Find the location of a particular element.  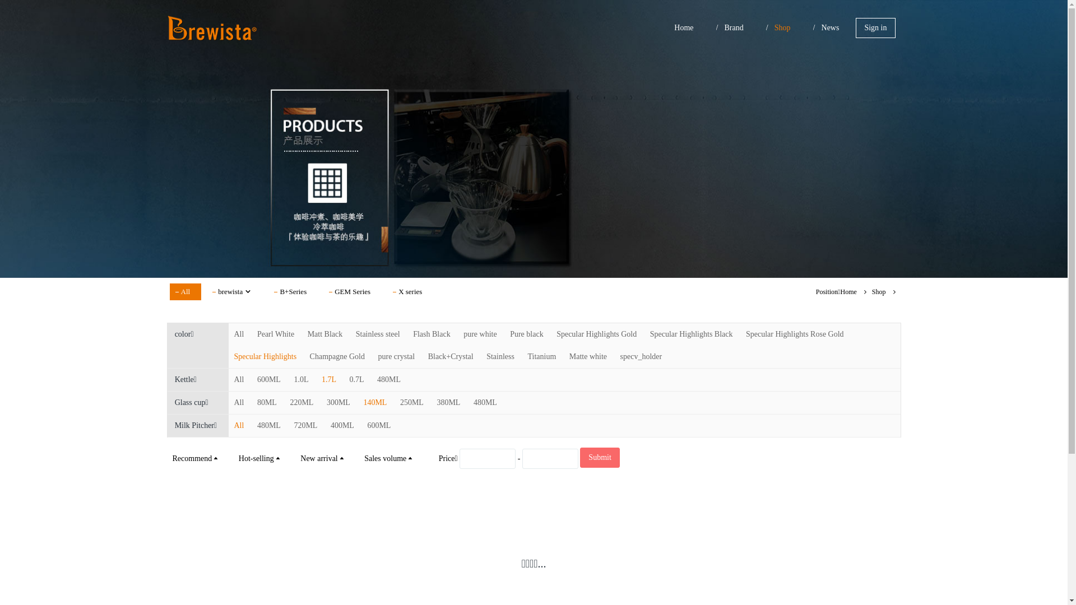

'New arrival' is located at coordinates (322, 458).